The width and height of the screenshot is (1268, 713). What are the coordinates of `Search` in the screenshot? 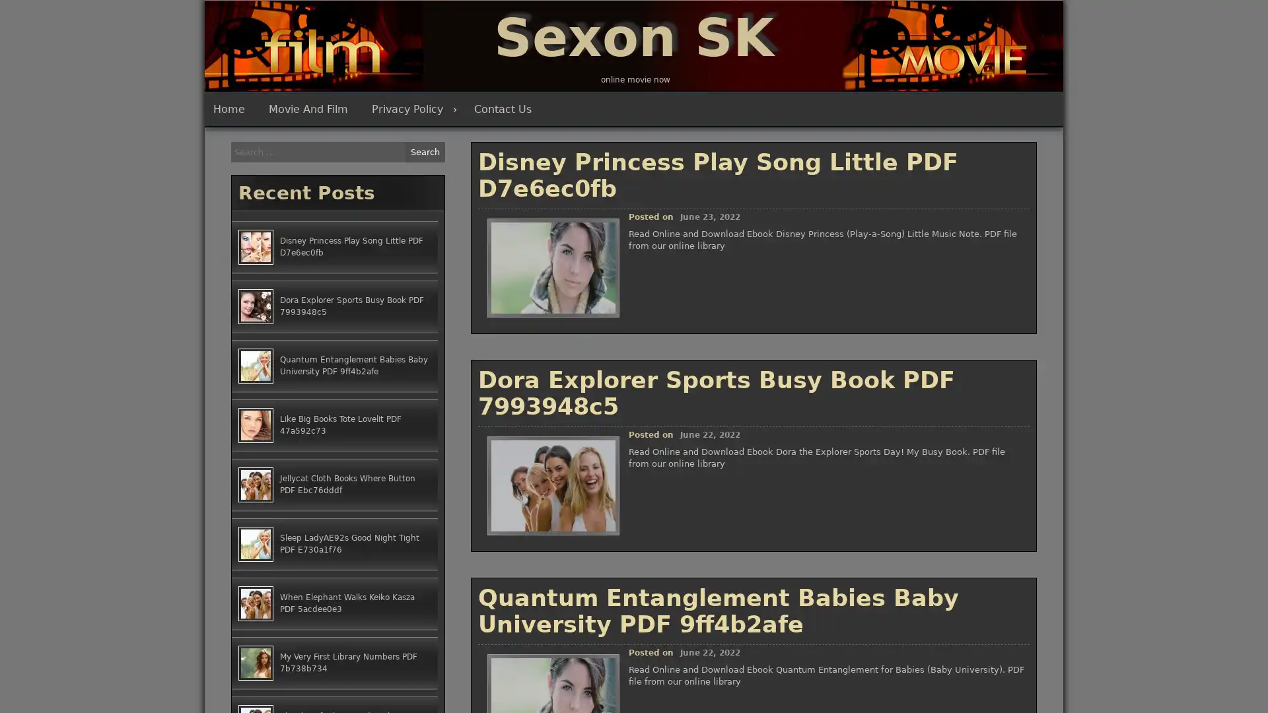 It's located at (425, 151).